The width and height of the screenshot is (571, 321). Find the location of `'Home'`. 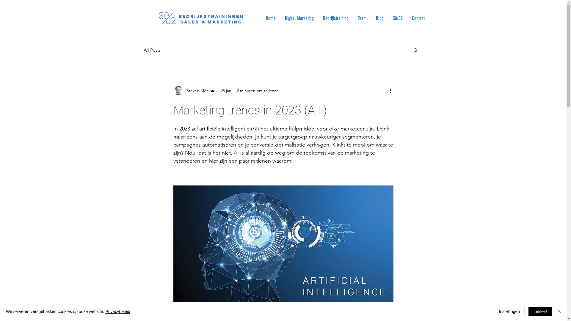

'Home' is located at coordinates (270, 18).